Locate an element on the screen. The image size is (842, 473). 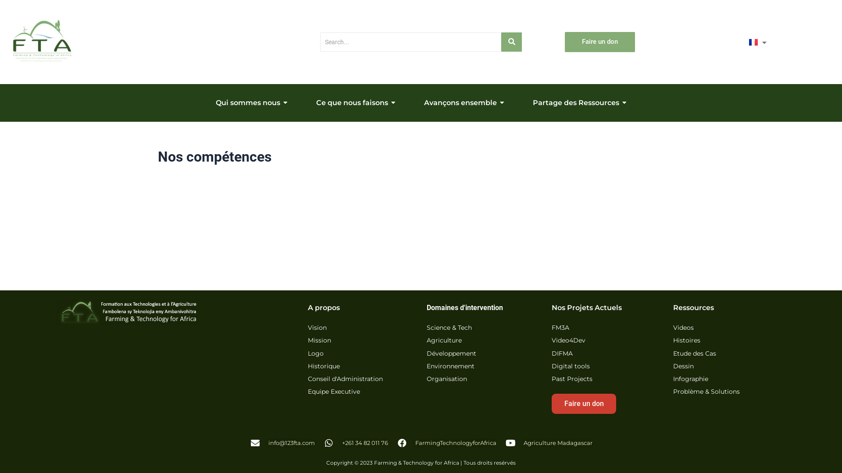
'Logo' is located at coordinates (316, 353).